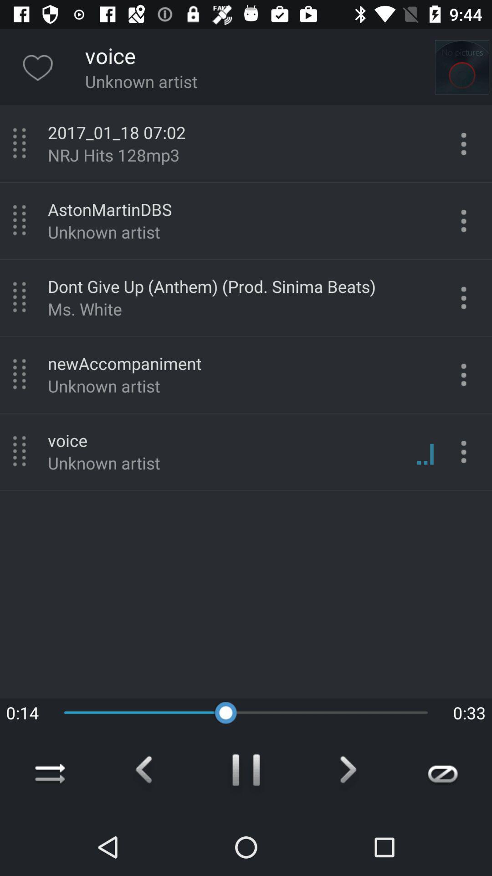  What do you see at coordinates (38, 67) in the screenshot?
I see `the favorite icon` at bounding box center [38, 67].